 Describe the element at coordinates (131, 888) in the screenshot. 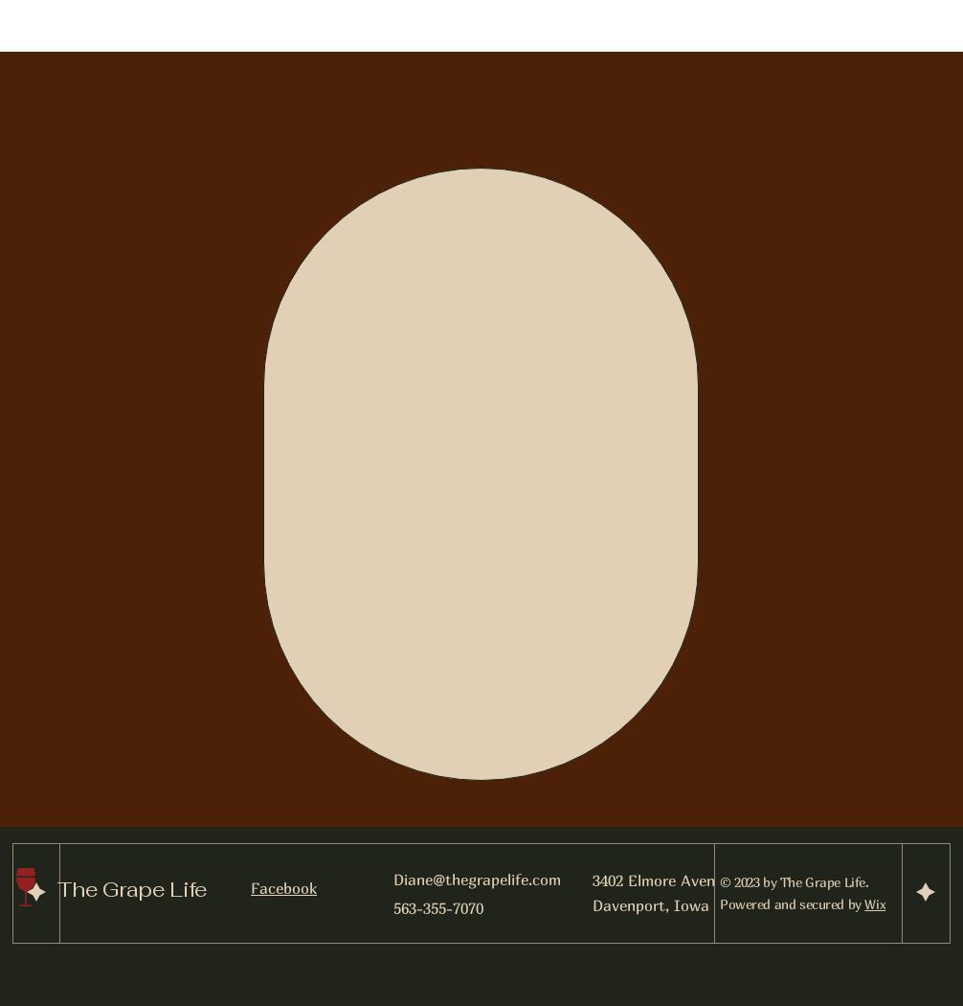

I see `'The Grape Life'` at that location.